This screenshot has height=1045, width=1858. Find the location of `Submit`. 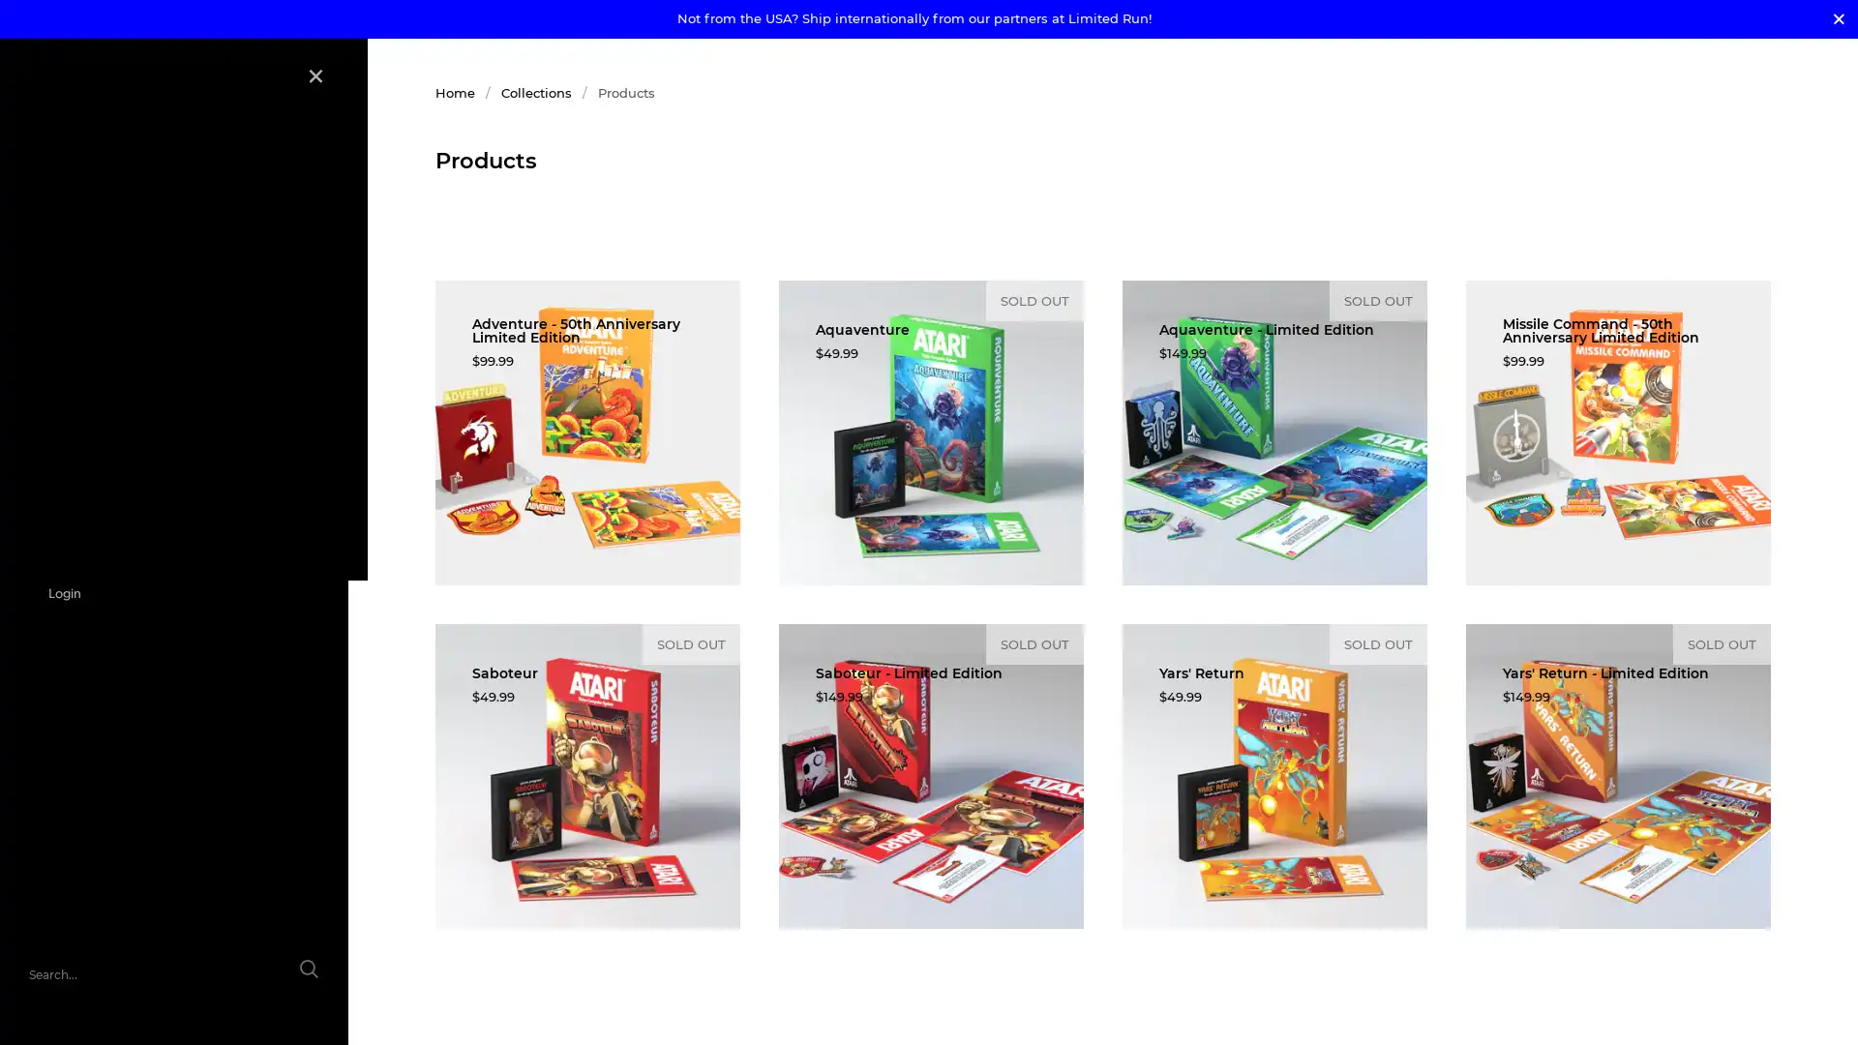

Submit is located at coordinates (287, 980).